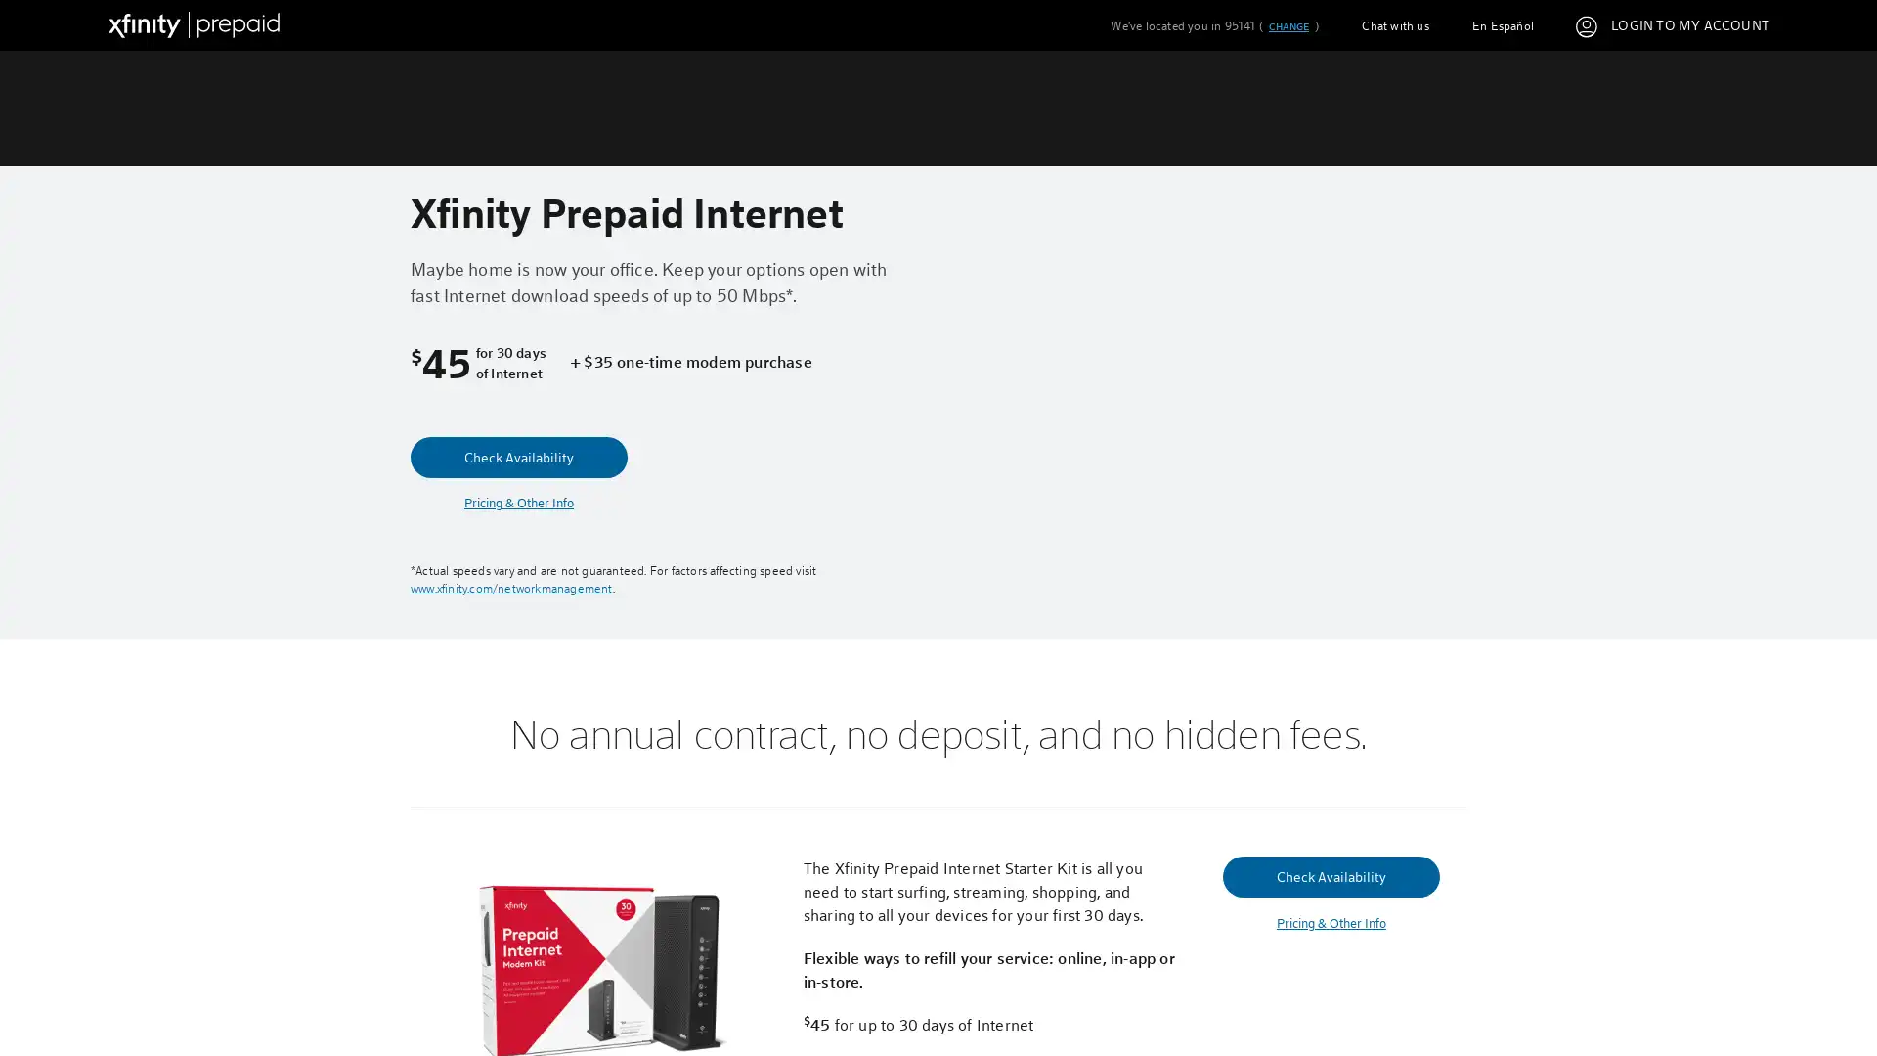 The height and width of the screenshot is (1056, 1877). Describe the element at coordinates (519, 502) in the screenshot. I see `Pricing & Other Info` at that location.